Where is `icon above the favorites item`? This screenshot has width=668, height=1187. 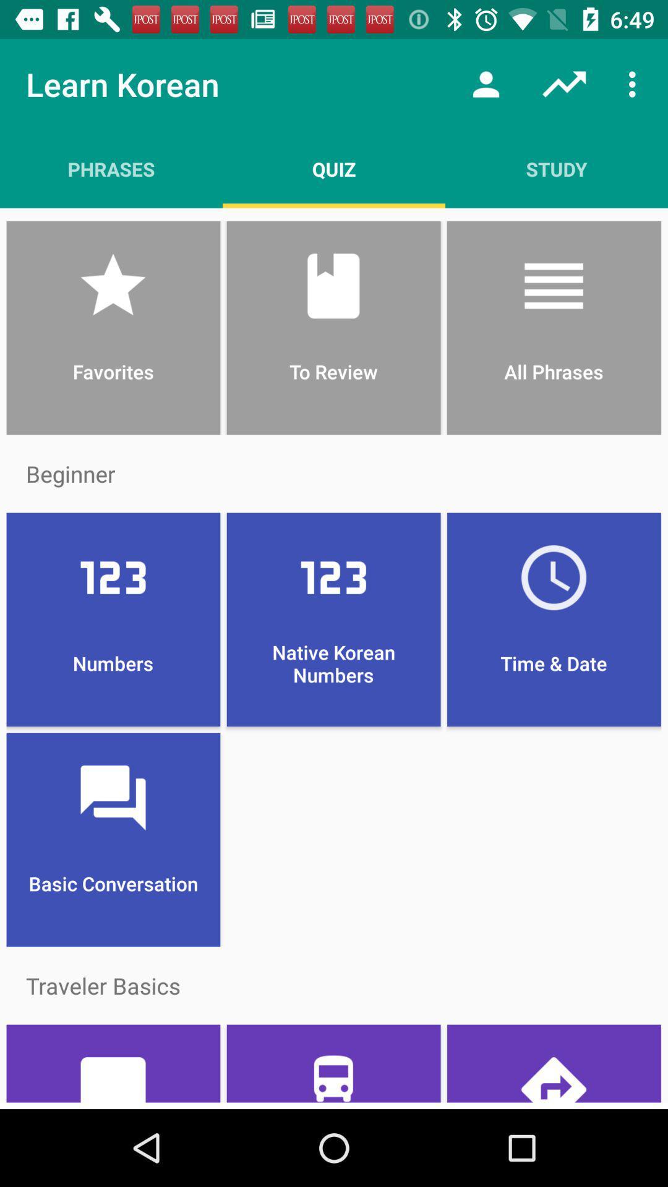 icon above the favorites item is located at coordinates (334, 168).